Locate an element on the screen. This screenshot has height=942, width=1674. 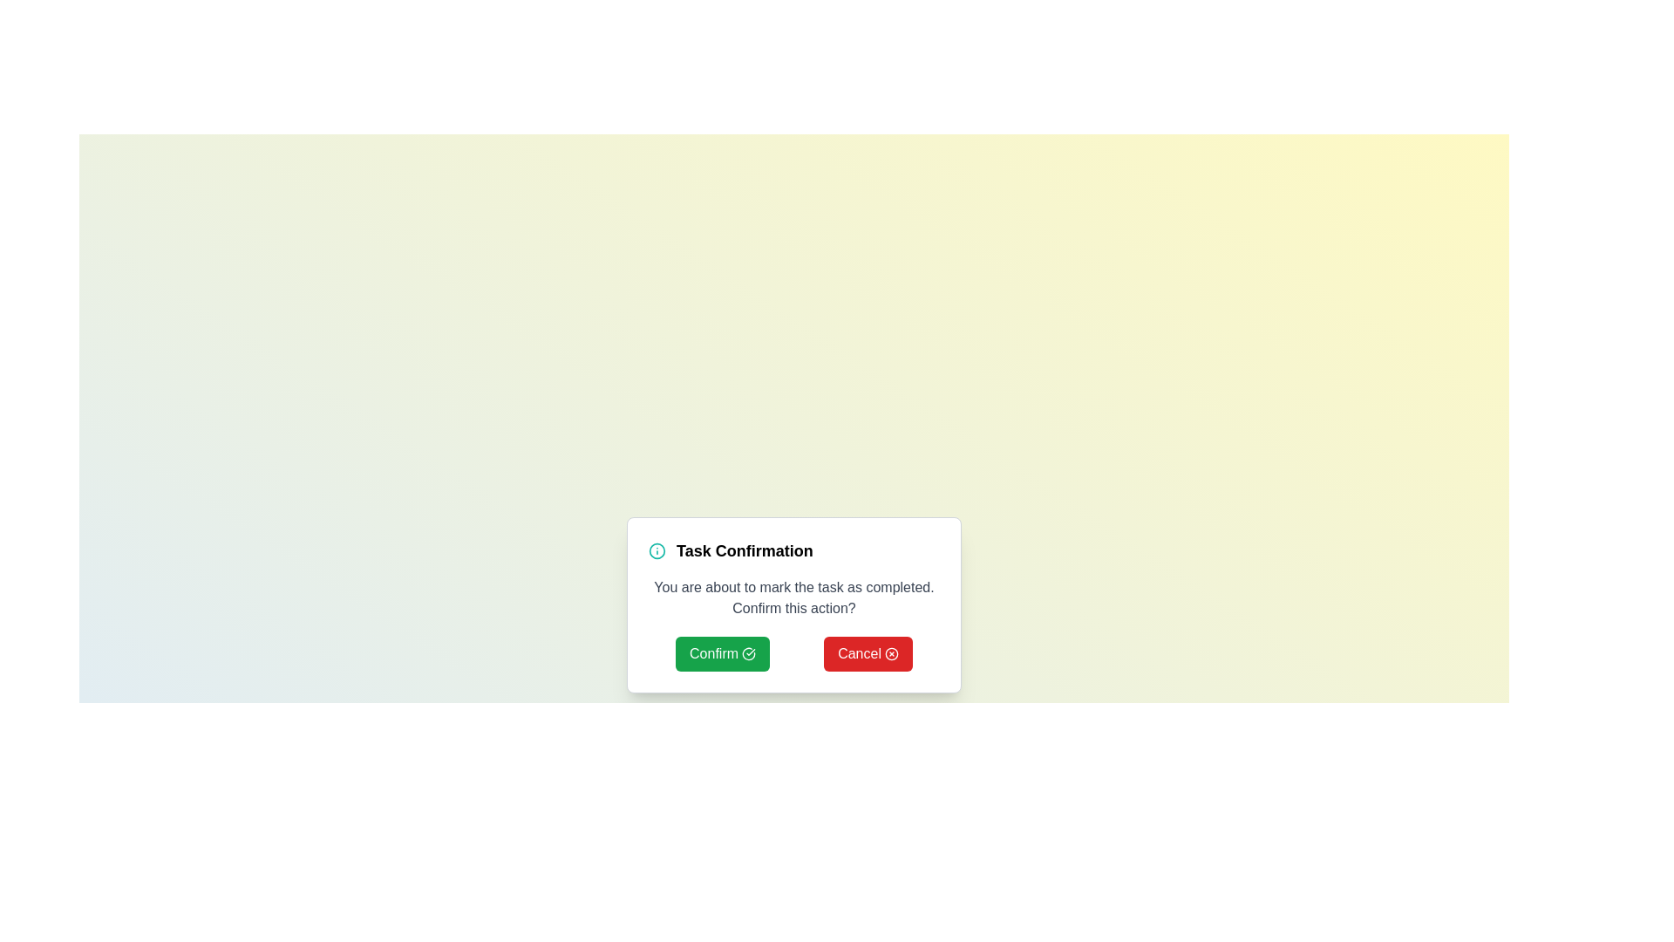
the affirmation icon located on the green 'Confirm' button at the bottom of the card in the modal dialog to confirm is located at coordinates (749, 653).